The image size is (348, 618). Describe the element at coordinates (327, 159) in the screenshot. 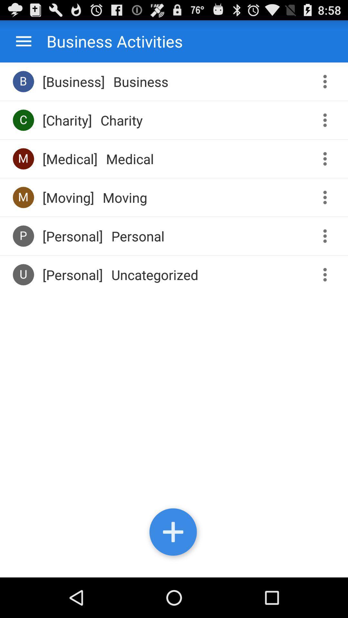

I see `edit options` at that location.